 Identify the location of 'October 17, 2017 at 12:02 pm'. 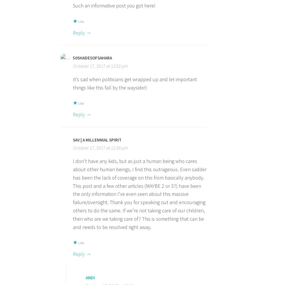
(73, 66).